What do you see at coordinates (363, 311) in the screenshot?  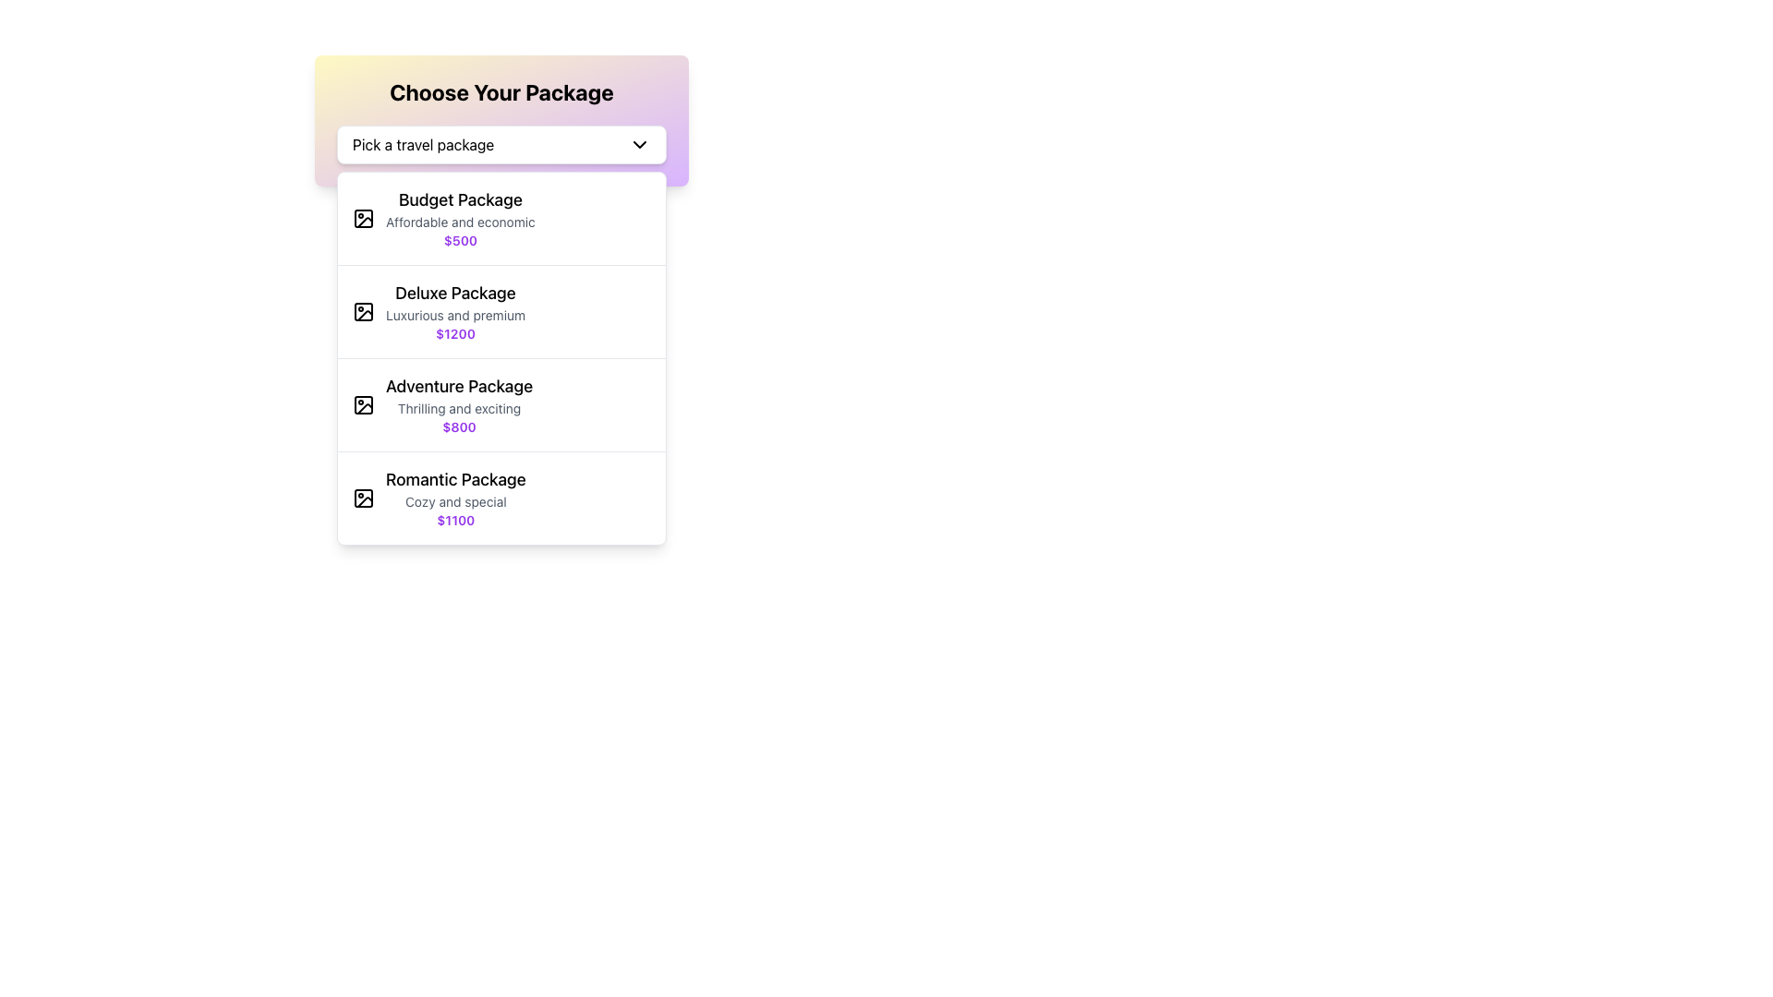 I see `the landscape photograph icon located next to the text content of the 'Deluxe Package' entry in the card layout` at bounding box center [363, 311].